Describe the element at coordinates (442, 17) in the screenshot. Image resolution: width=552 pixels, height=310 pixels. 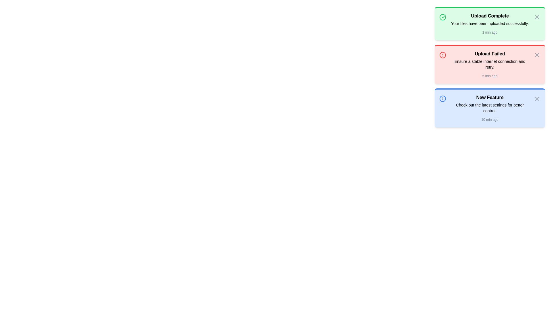
I see `the success icon in the top left corner of the green notification panel labeled 'Upload Complete', which is associated with confirming completion of tasks` at that location.